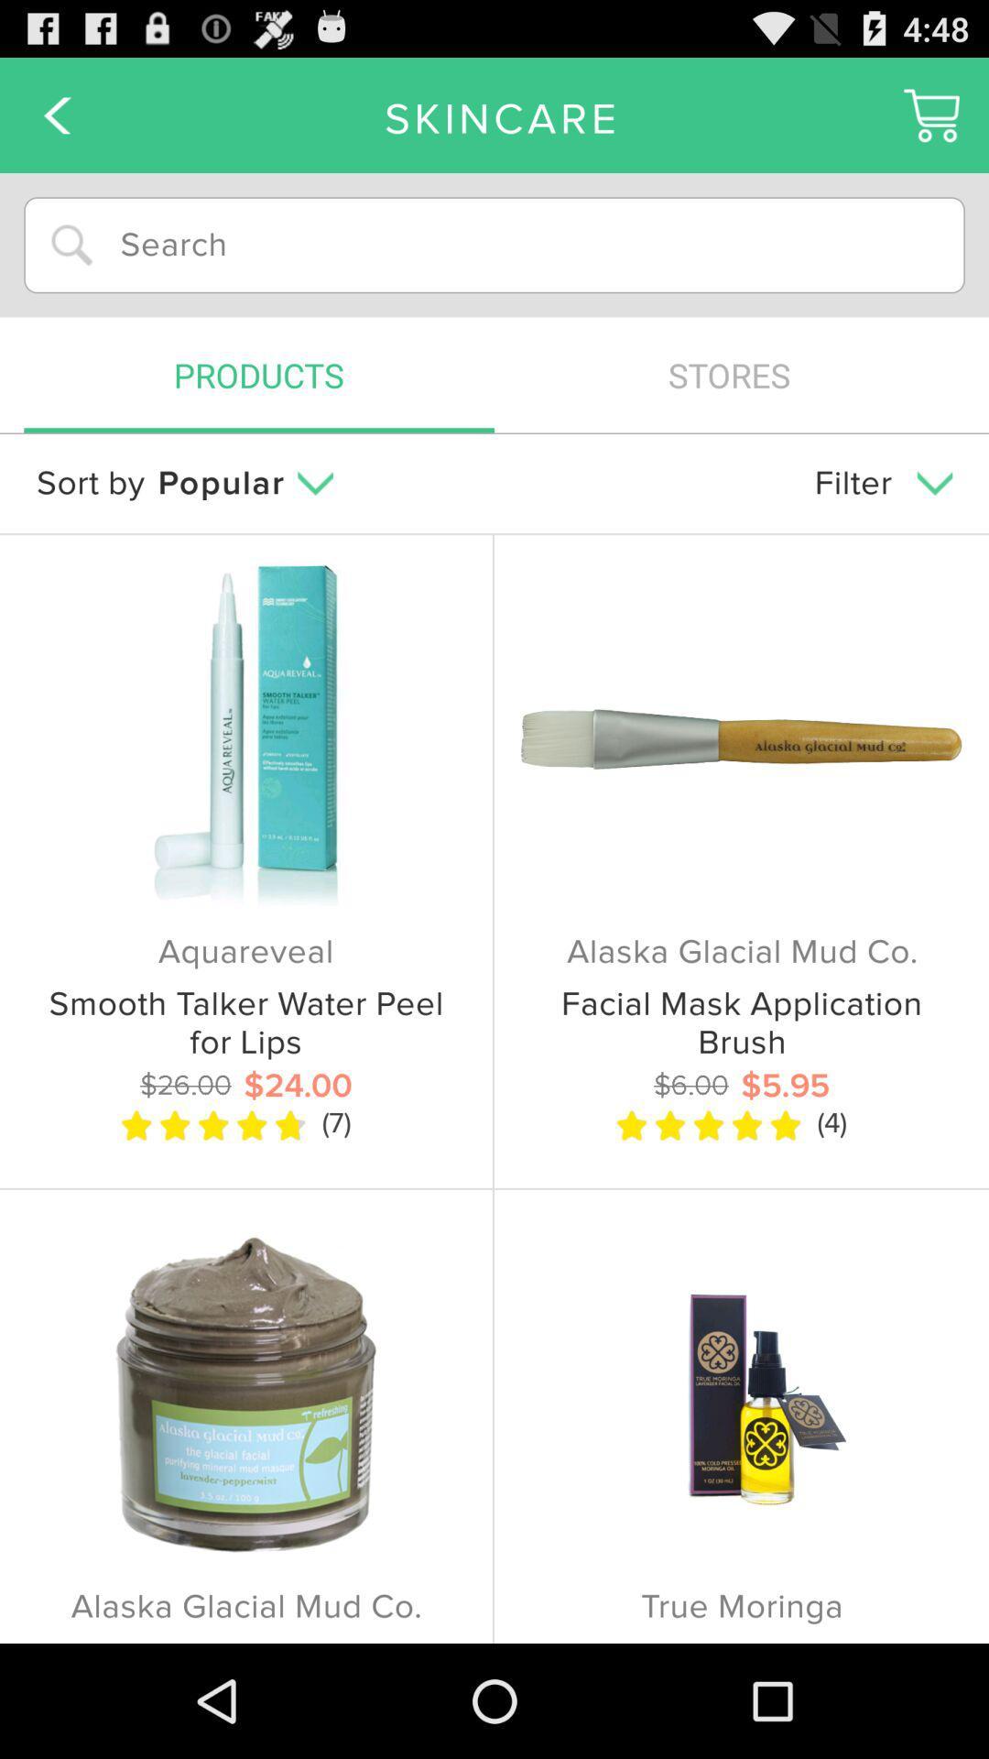  I want to click on the cart icon, so click(931, 122).